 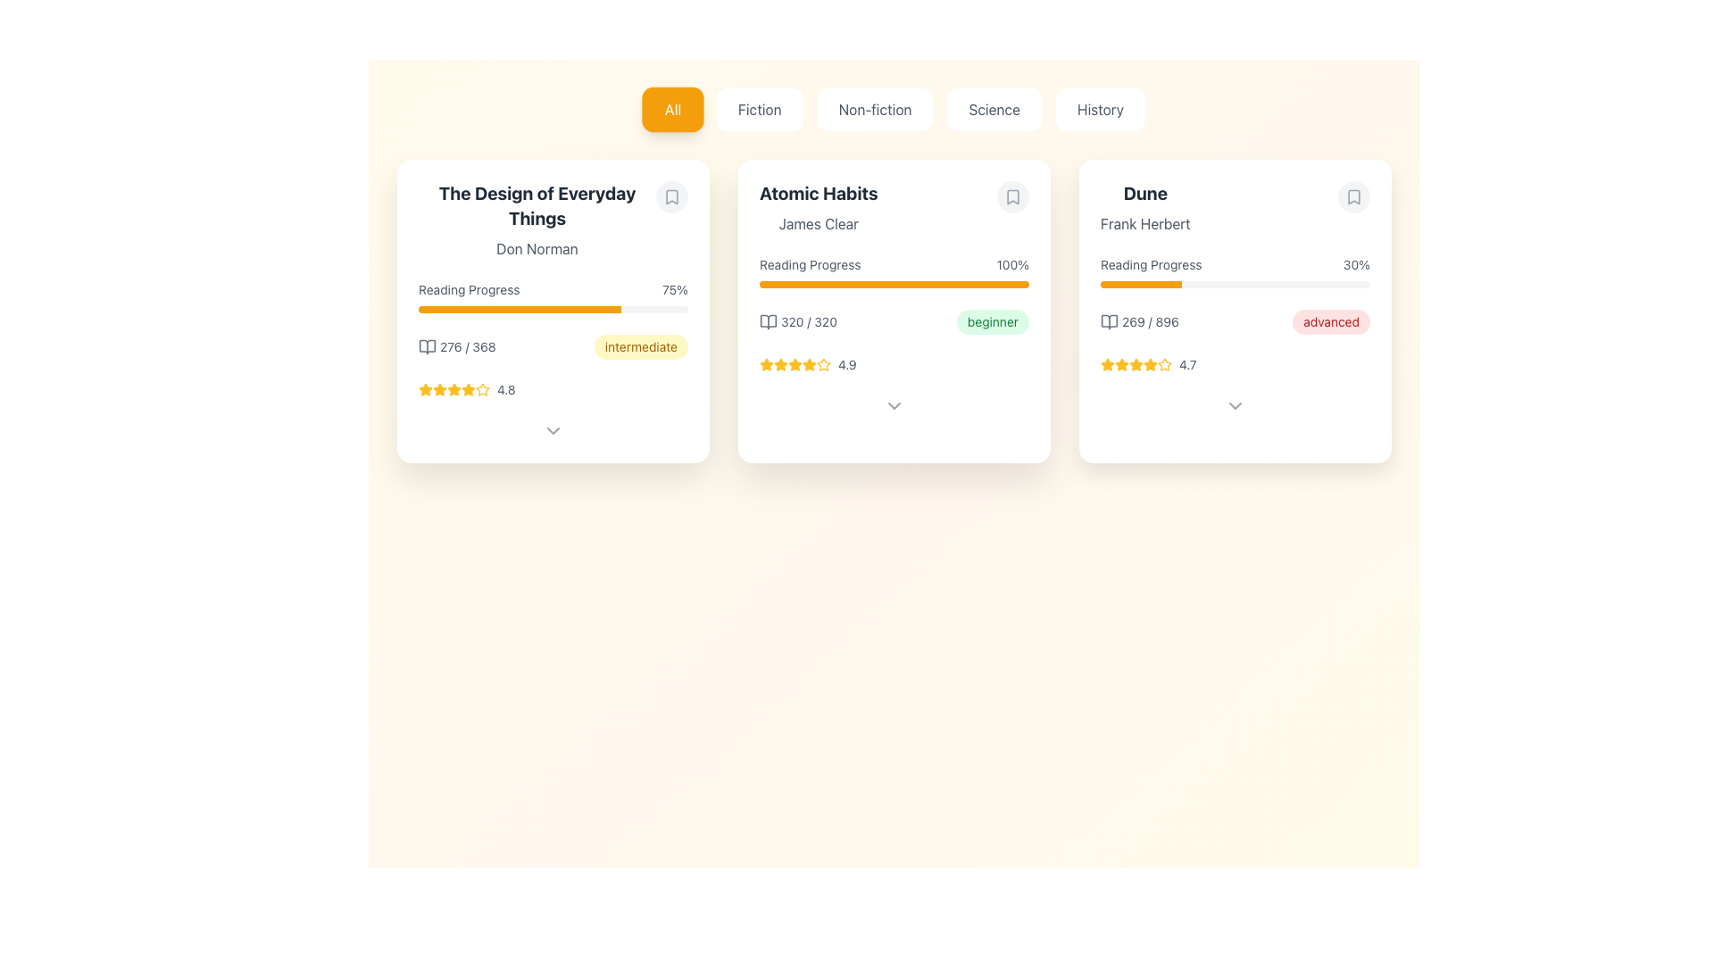 What do you see at coordinates (671, 110) in the screenshot?
I see `the 'All' button, which is a rectangular button with rounded edges, labeled in white on an amber background, located at the top-center among a group of buttons` at bounding box center [671, 110].